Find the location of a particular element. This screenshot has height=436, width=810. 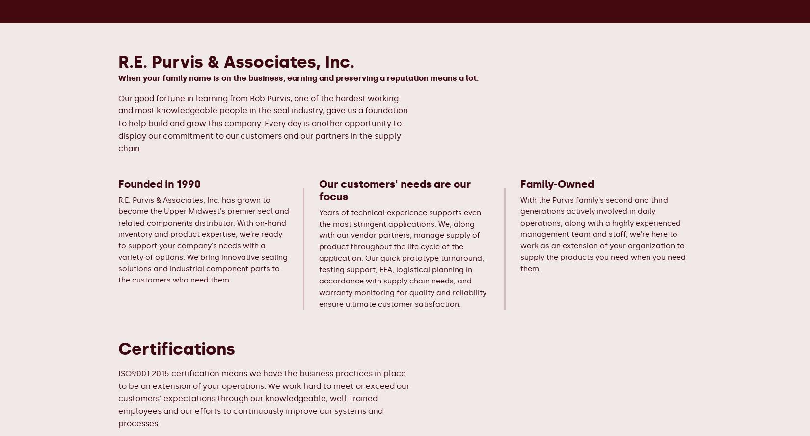

'Certifications' is located at coordinates (177, 348).